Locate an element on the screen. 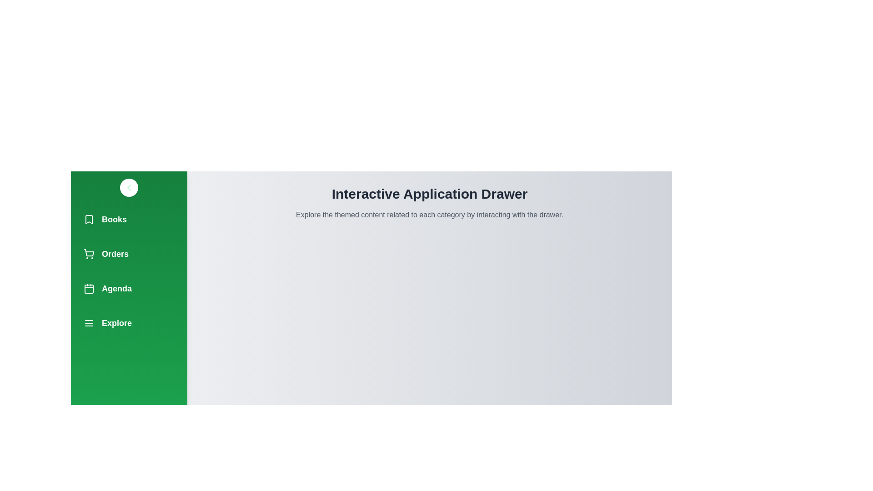 This screenshot has height=491, width=873. the navigation item Orders from the drawer menu is located at coordinates (128, 254).